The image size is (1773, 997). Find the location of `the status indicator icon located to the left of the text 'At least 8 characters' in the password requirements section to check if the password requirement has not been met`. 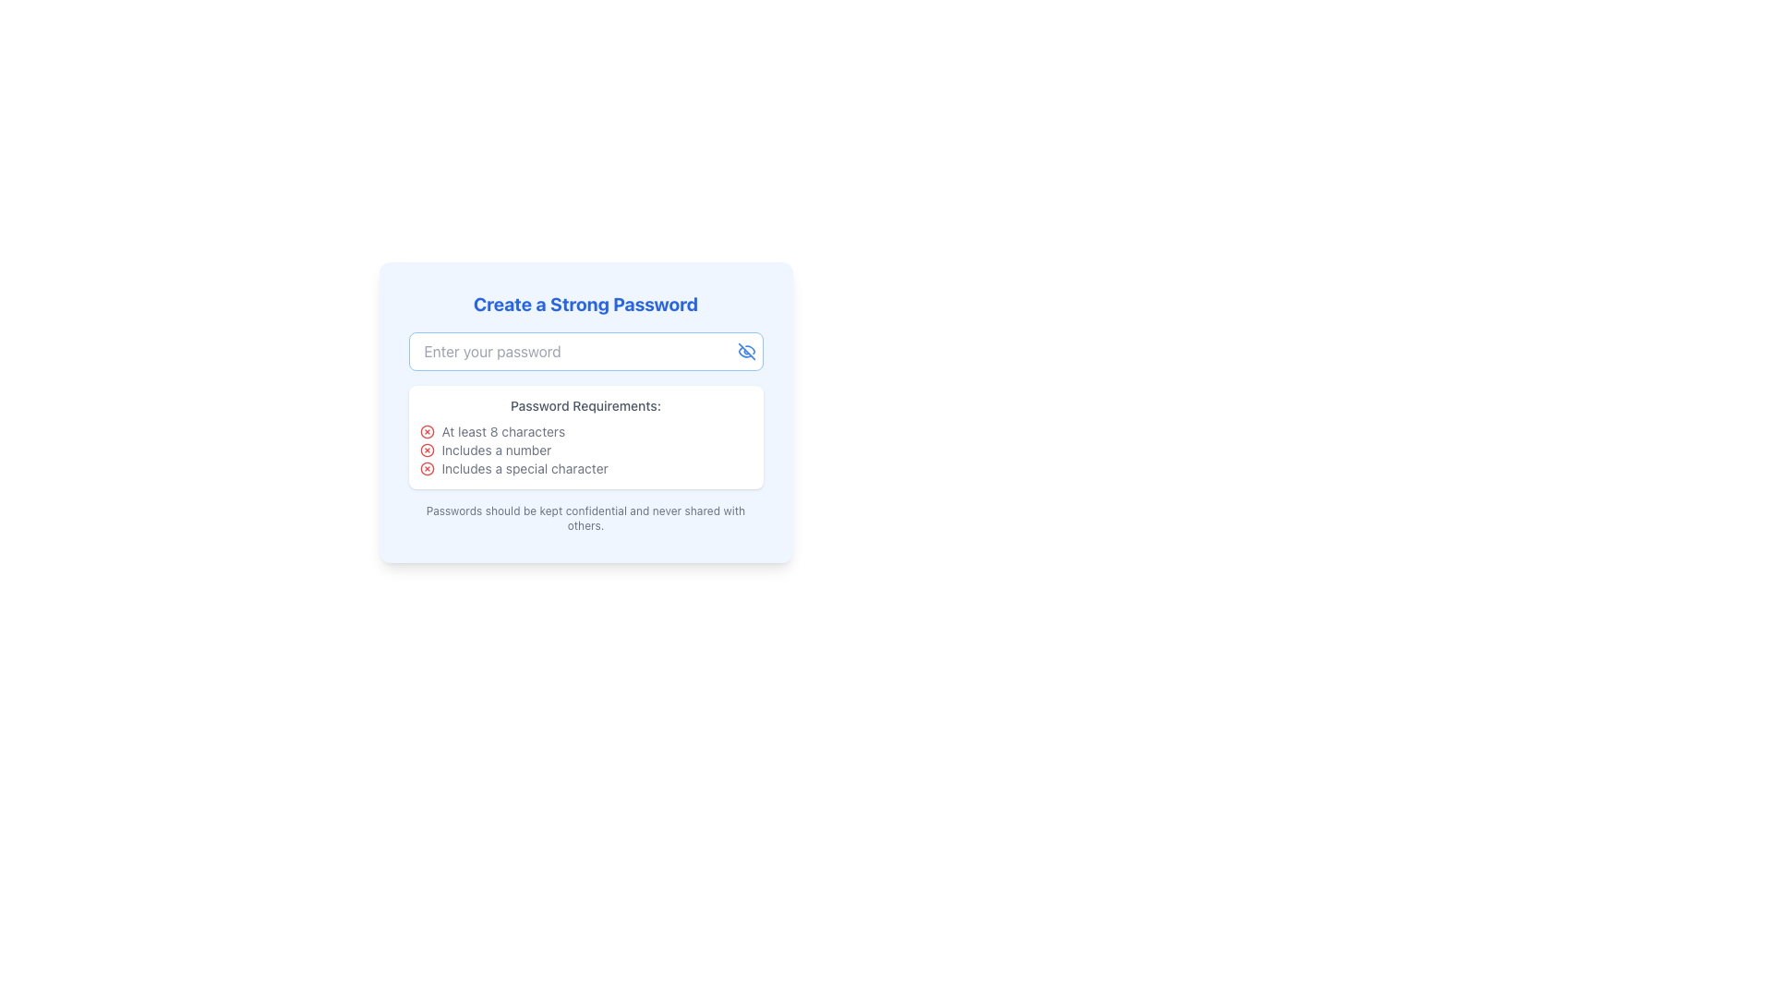

the status indicator icon located to the left of the text 'At least 8 characters' in the password requirements section to check if the password requirement has not been met is located at coordinates (426, 431).